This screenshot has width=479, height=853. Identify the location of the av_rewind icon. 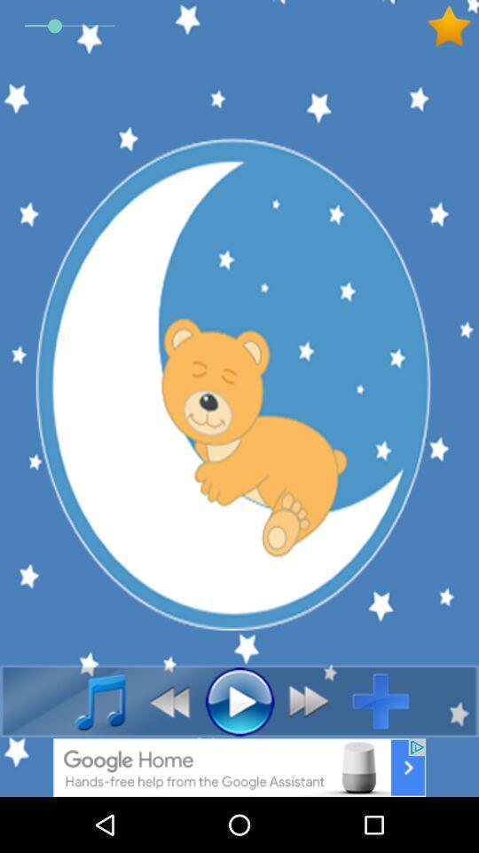
(164, 701).